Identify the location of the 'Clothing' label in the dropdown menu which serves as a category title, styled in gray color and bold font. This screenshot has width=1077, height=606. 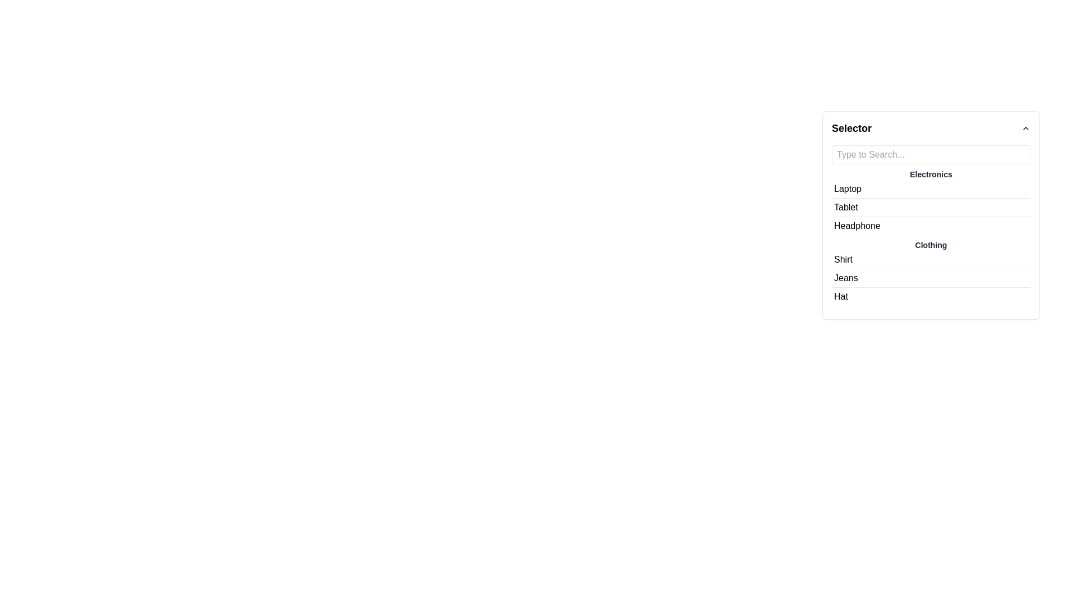
(931, 244).